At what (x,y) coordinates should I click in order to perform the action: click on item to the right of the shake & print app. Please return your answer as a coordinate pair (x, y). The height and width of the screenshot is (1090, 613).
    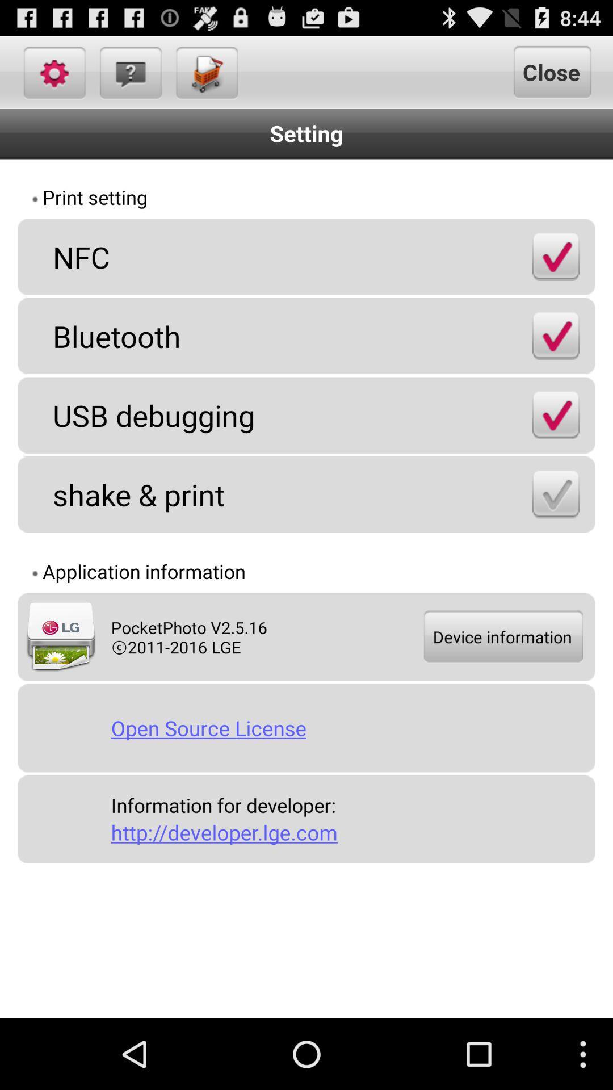
    Looking at the image, I should click on (555, 494).